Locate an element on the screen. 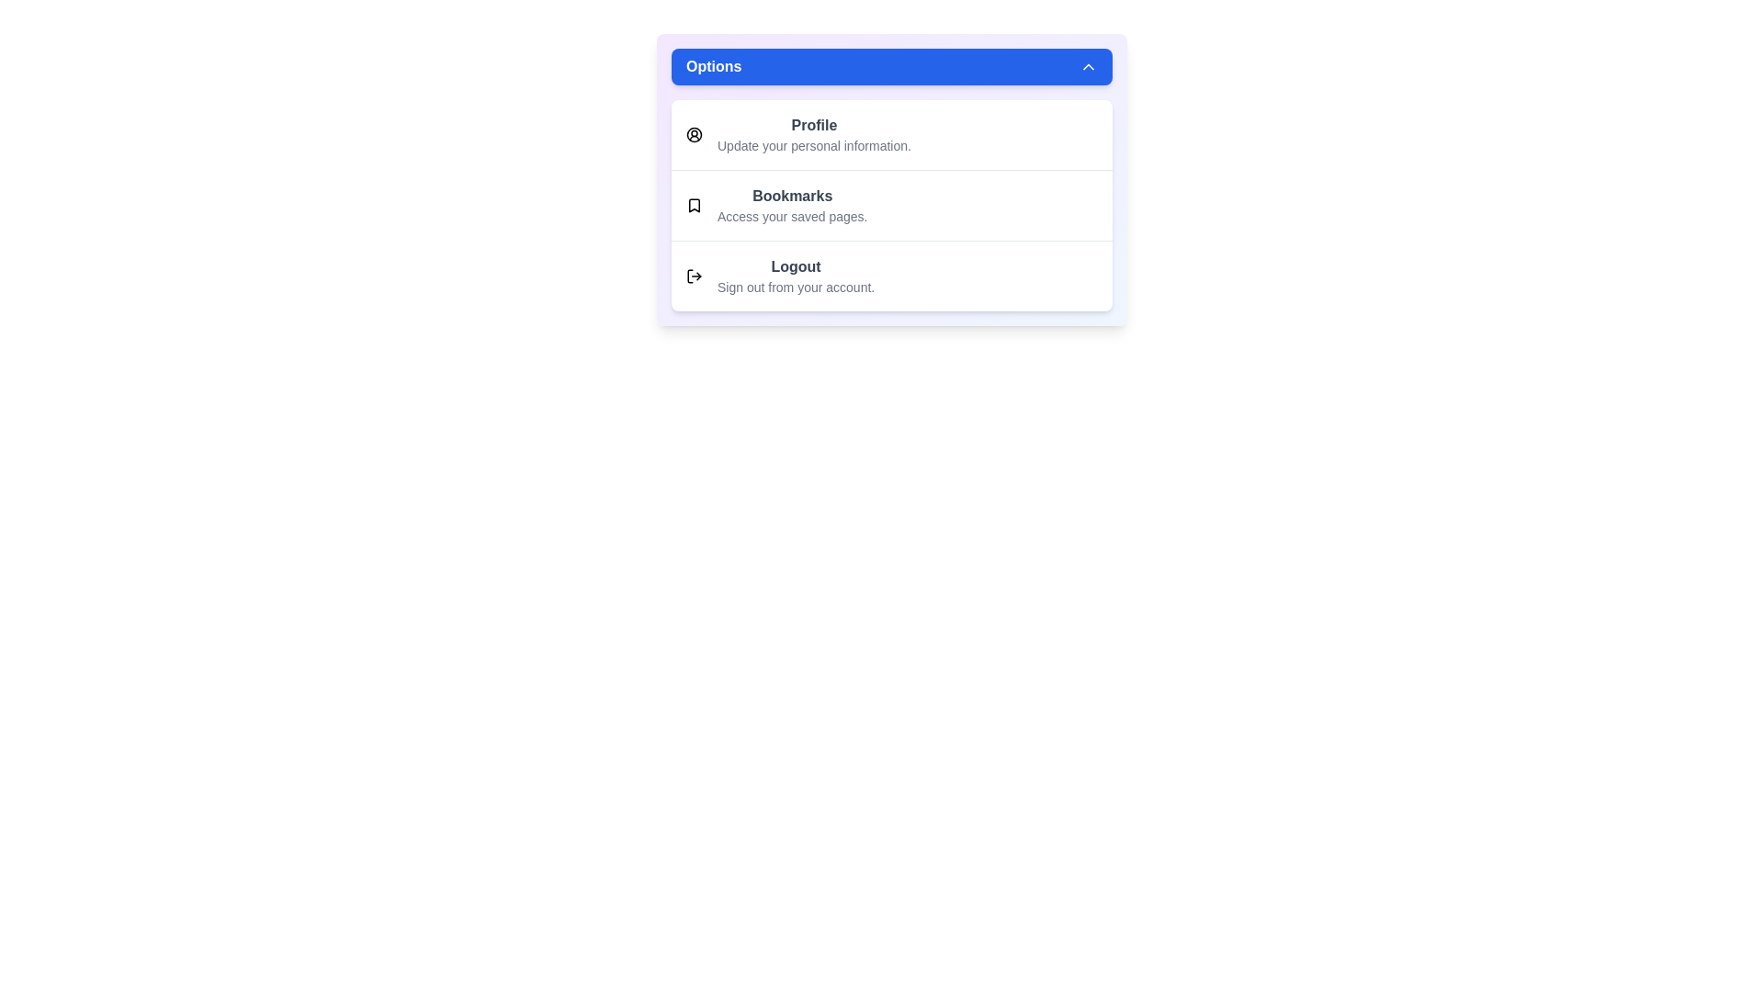  the option Logout from the menu to inspect its details is located at coordinates (891, 276).